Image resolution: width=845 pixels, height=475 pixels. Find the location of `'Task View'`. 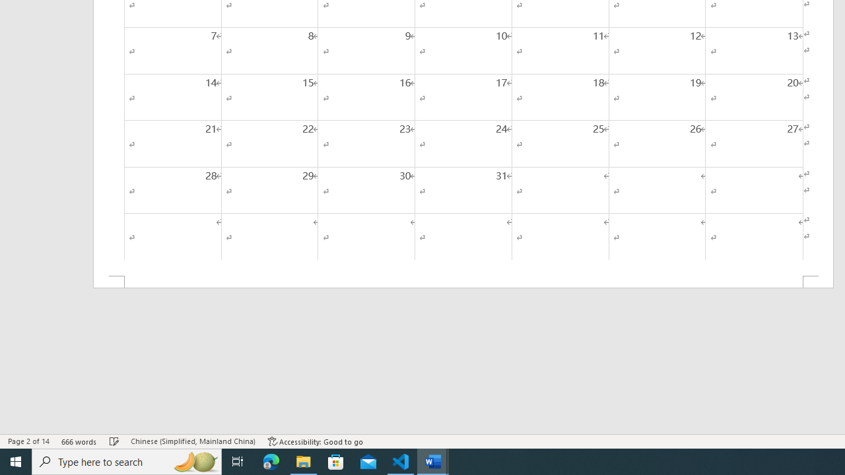

'Task View' is located at coordinates (237, 460).